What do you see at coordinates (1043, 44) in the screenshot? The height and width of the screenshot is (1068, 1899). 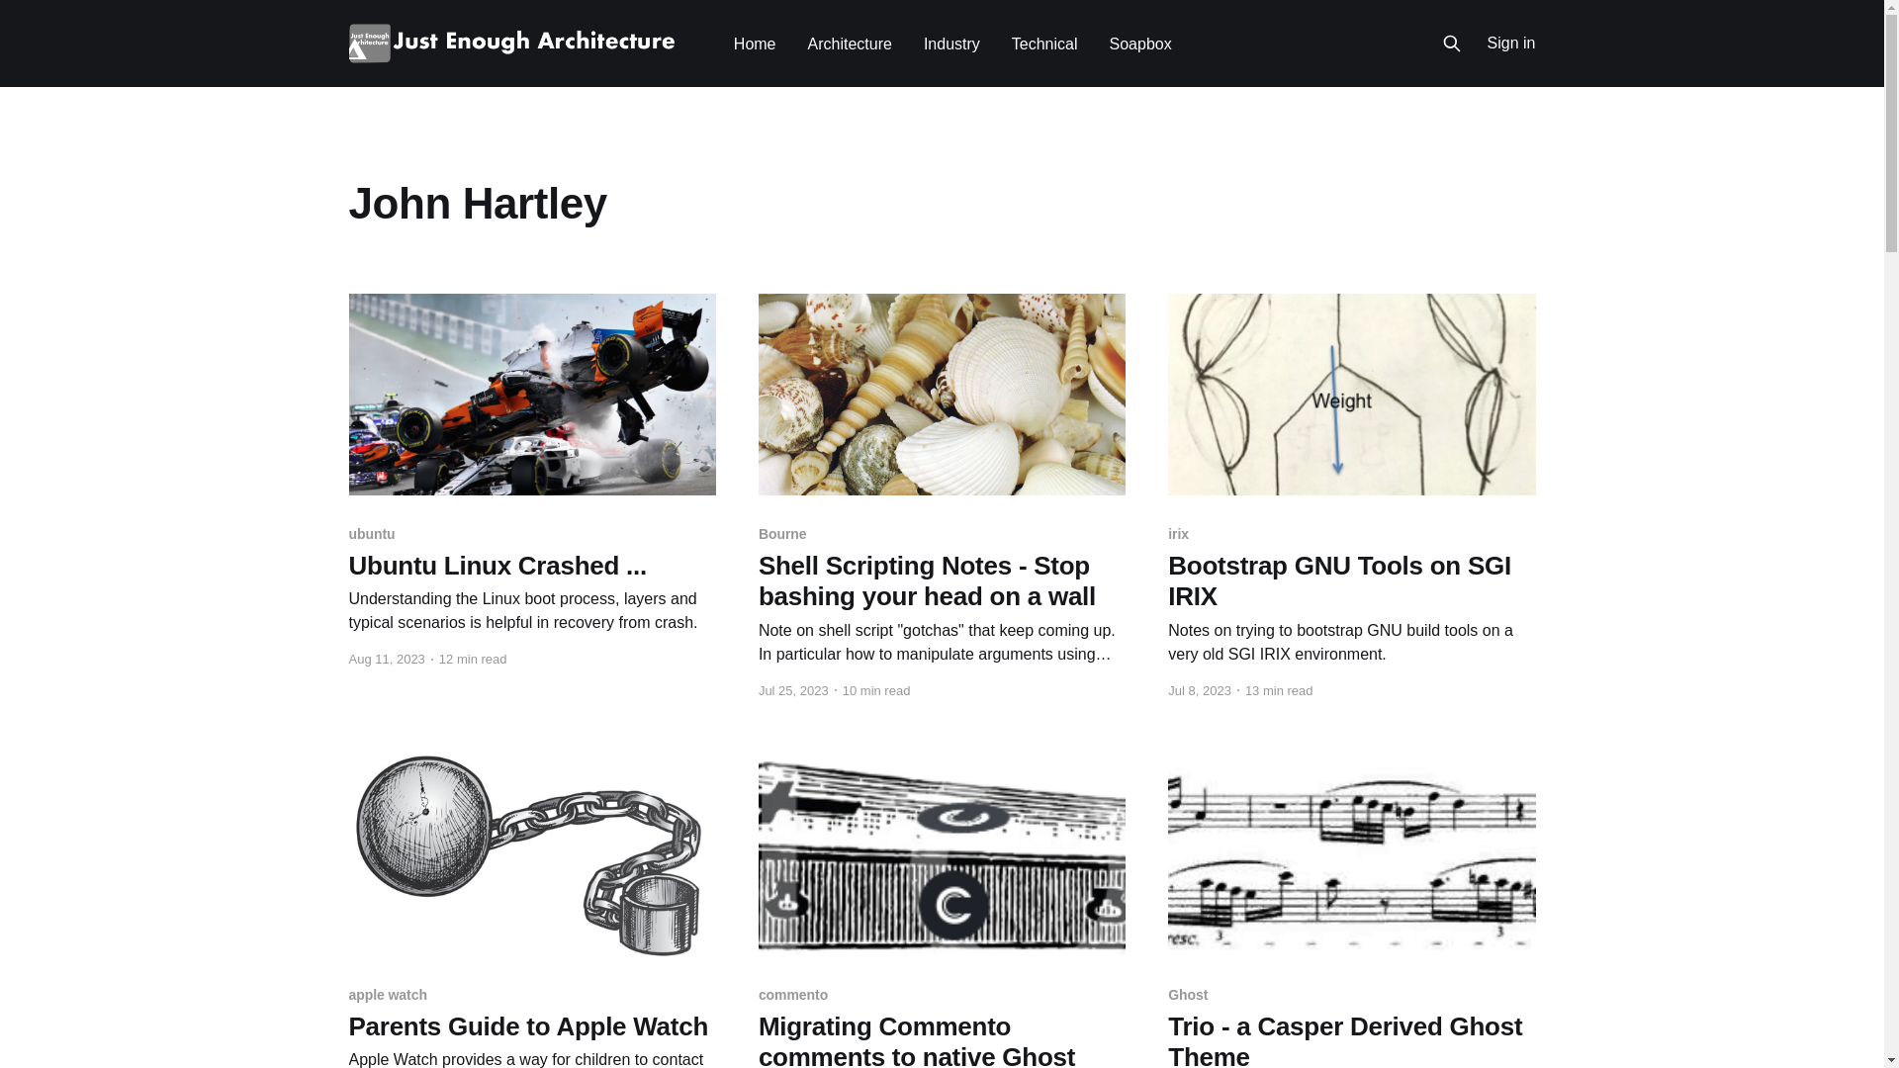 I see `'Technical'` at bounding box center [1043, 44].